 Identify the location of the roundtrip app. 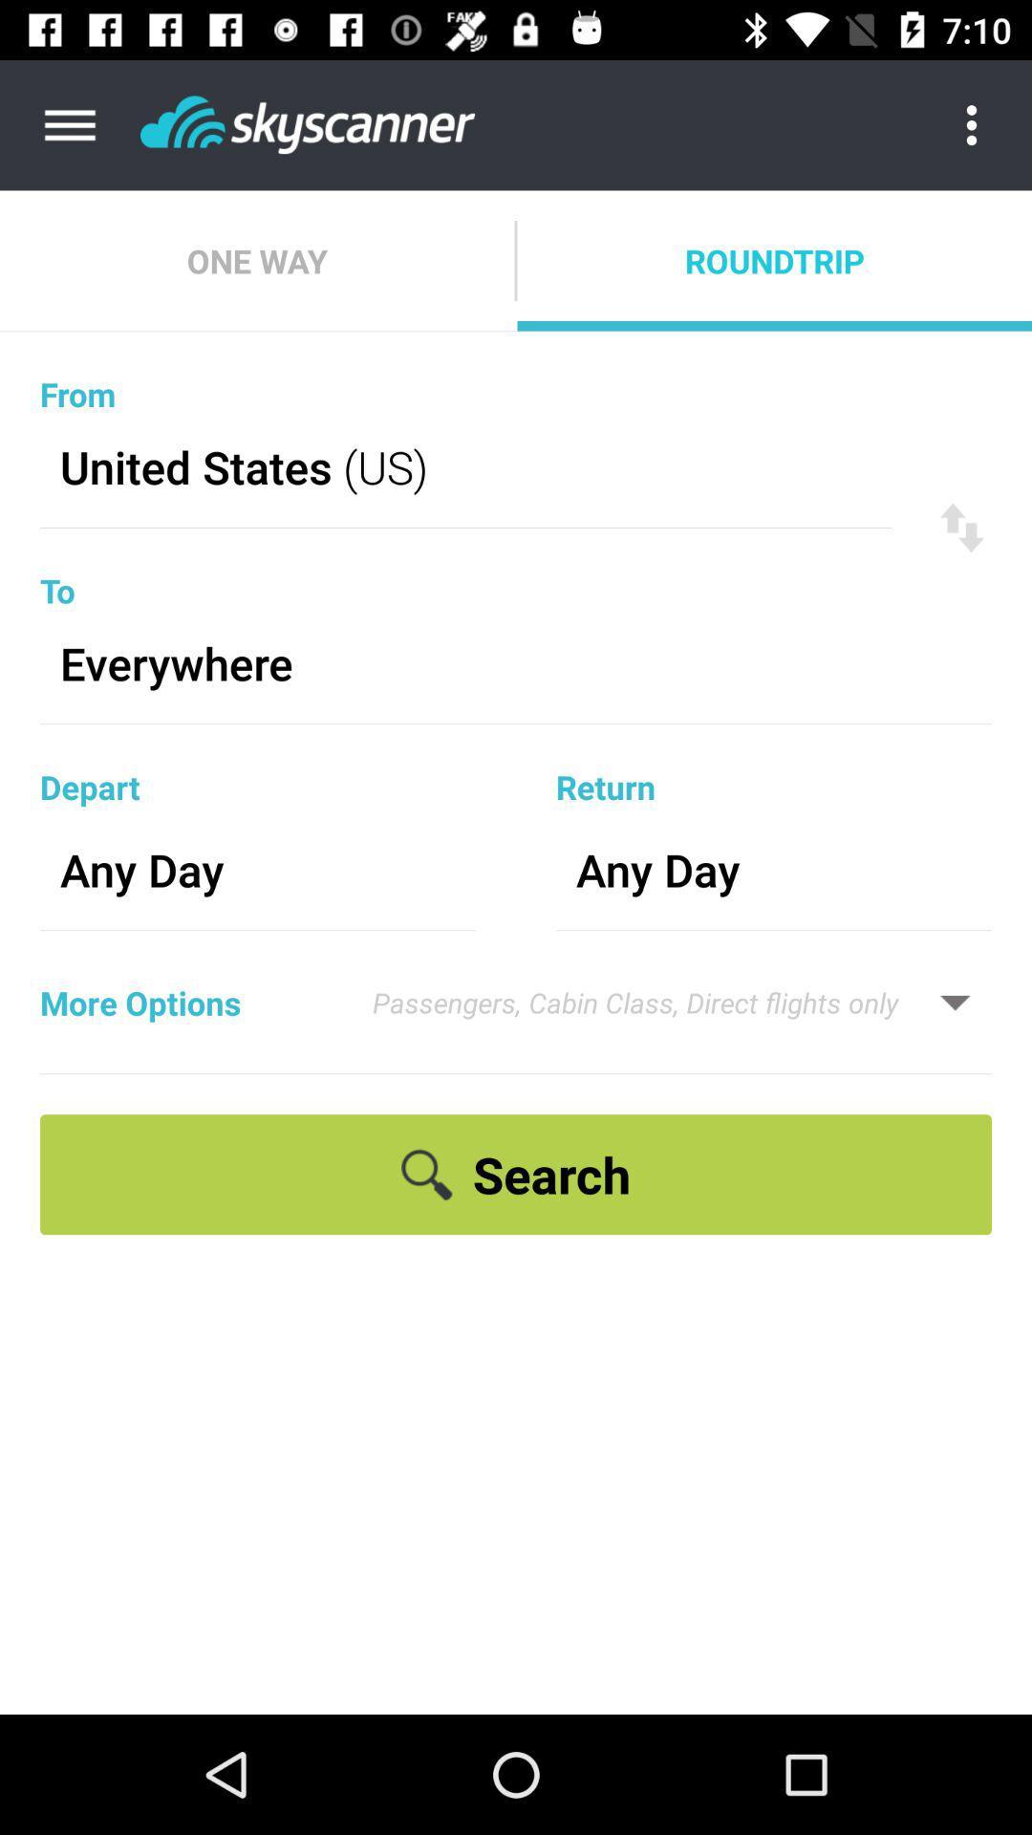
(774, 260).